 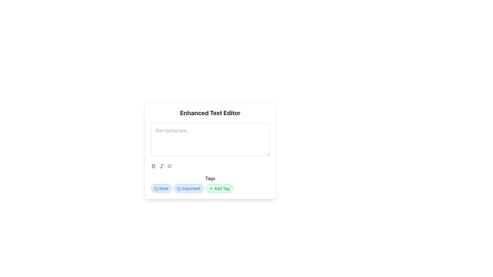 I want to click on the decorative 'Note' tag icon located within the leftmost button of the horizontal button series under the 'Tags' heading, so click(x=156, y=189).